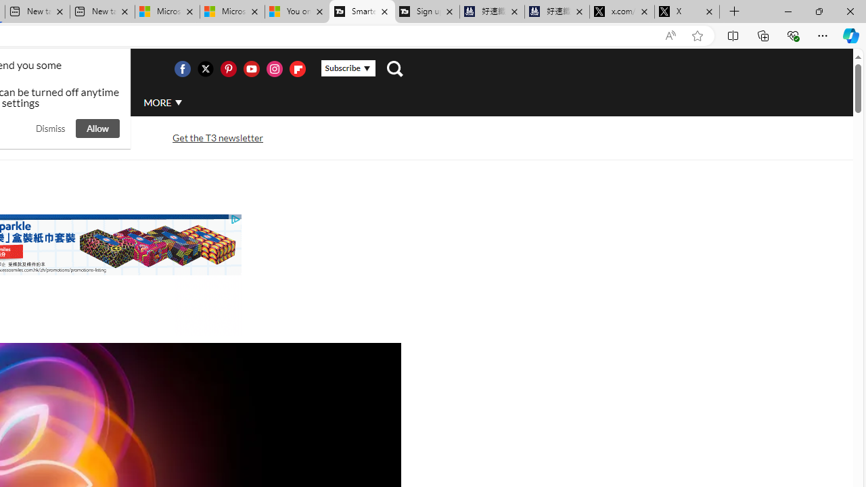  What do you see at coordinates (296, 68) in the screenshot?
I see `'Visit us on Flipboard'` at bounding box center [296, 68].